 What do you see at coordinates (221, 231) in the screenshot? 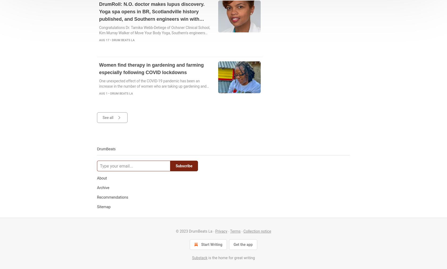
I see `'Privacy'` at bounding box center [221, 231].